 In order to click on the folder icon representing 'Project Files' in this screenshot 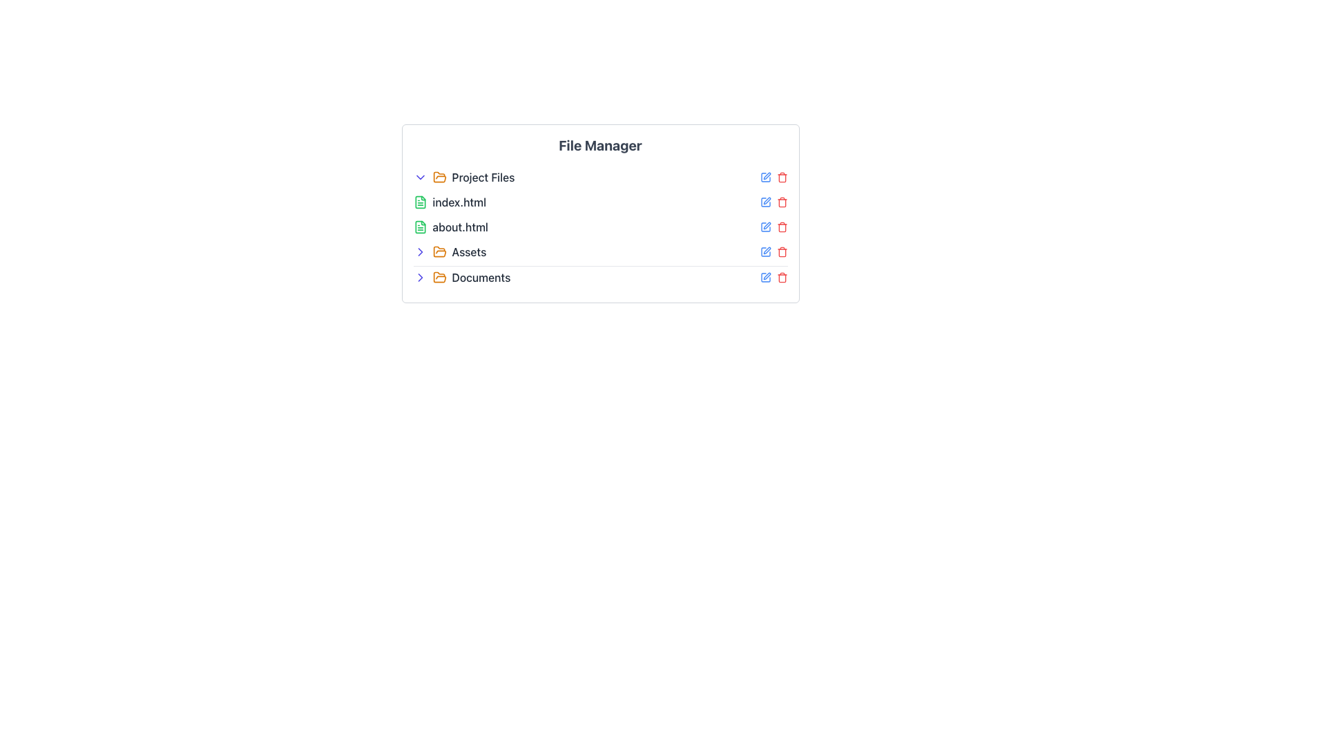, I will do `click(439, 177)`.